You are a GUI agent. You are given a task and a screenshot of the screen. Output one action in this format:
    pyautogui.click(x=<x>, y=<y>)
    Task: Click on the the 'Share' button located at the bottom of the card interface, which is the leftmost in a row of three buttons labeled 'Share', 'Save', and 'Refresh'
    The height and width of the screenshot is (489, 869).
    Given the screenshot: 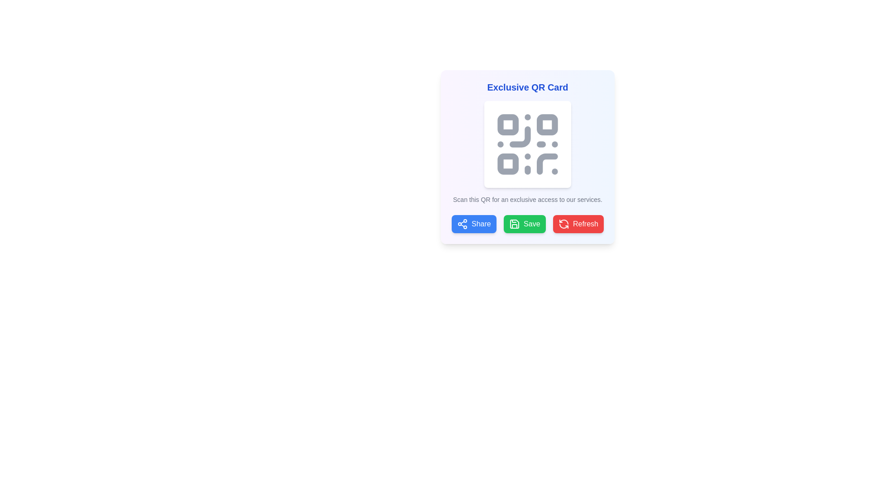 What is the action you would take?
    pyautogui.click(x=473, y=224)
    